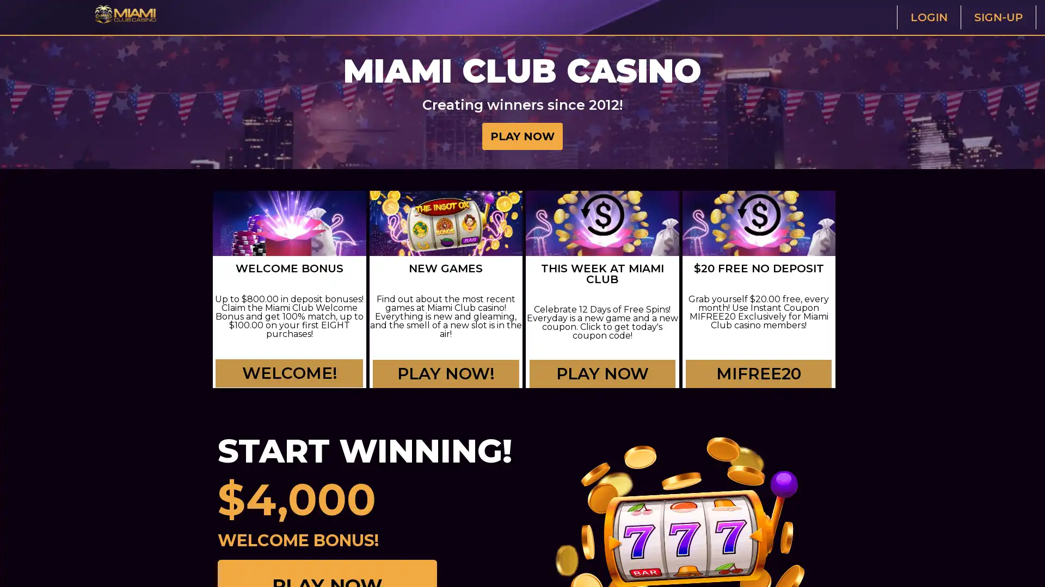 Image resolution: width=1045 pixels, height=587 pixels. What do you see at coordinates (446, 381) in the screenshot?
I see `PLAY NOW!` at bounding box center [446, 381].